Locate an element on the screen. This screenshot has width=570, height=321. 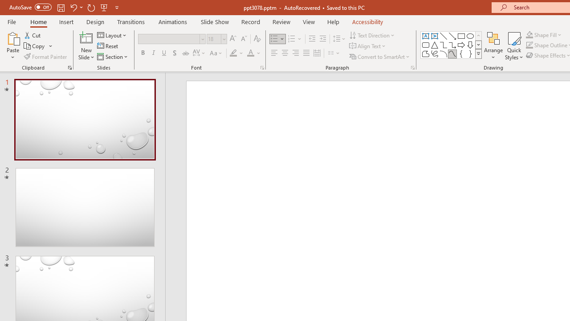
'Isosceles Triangle' is located at coordinates (435, 45).